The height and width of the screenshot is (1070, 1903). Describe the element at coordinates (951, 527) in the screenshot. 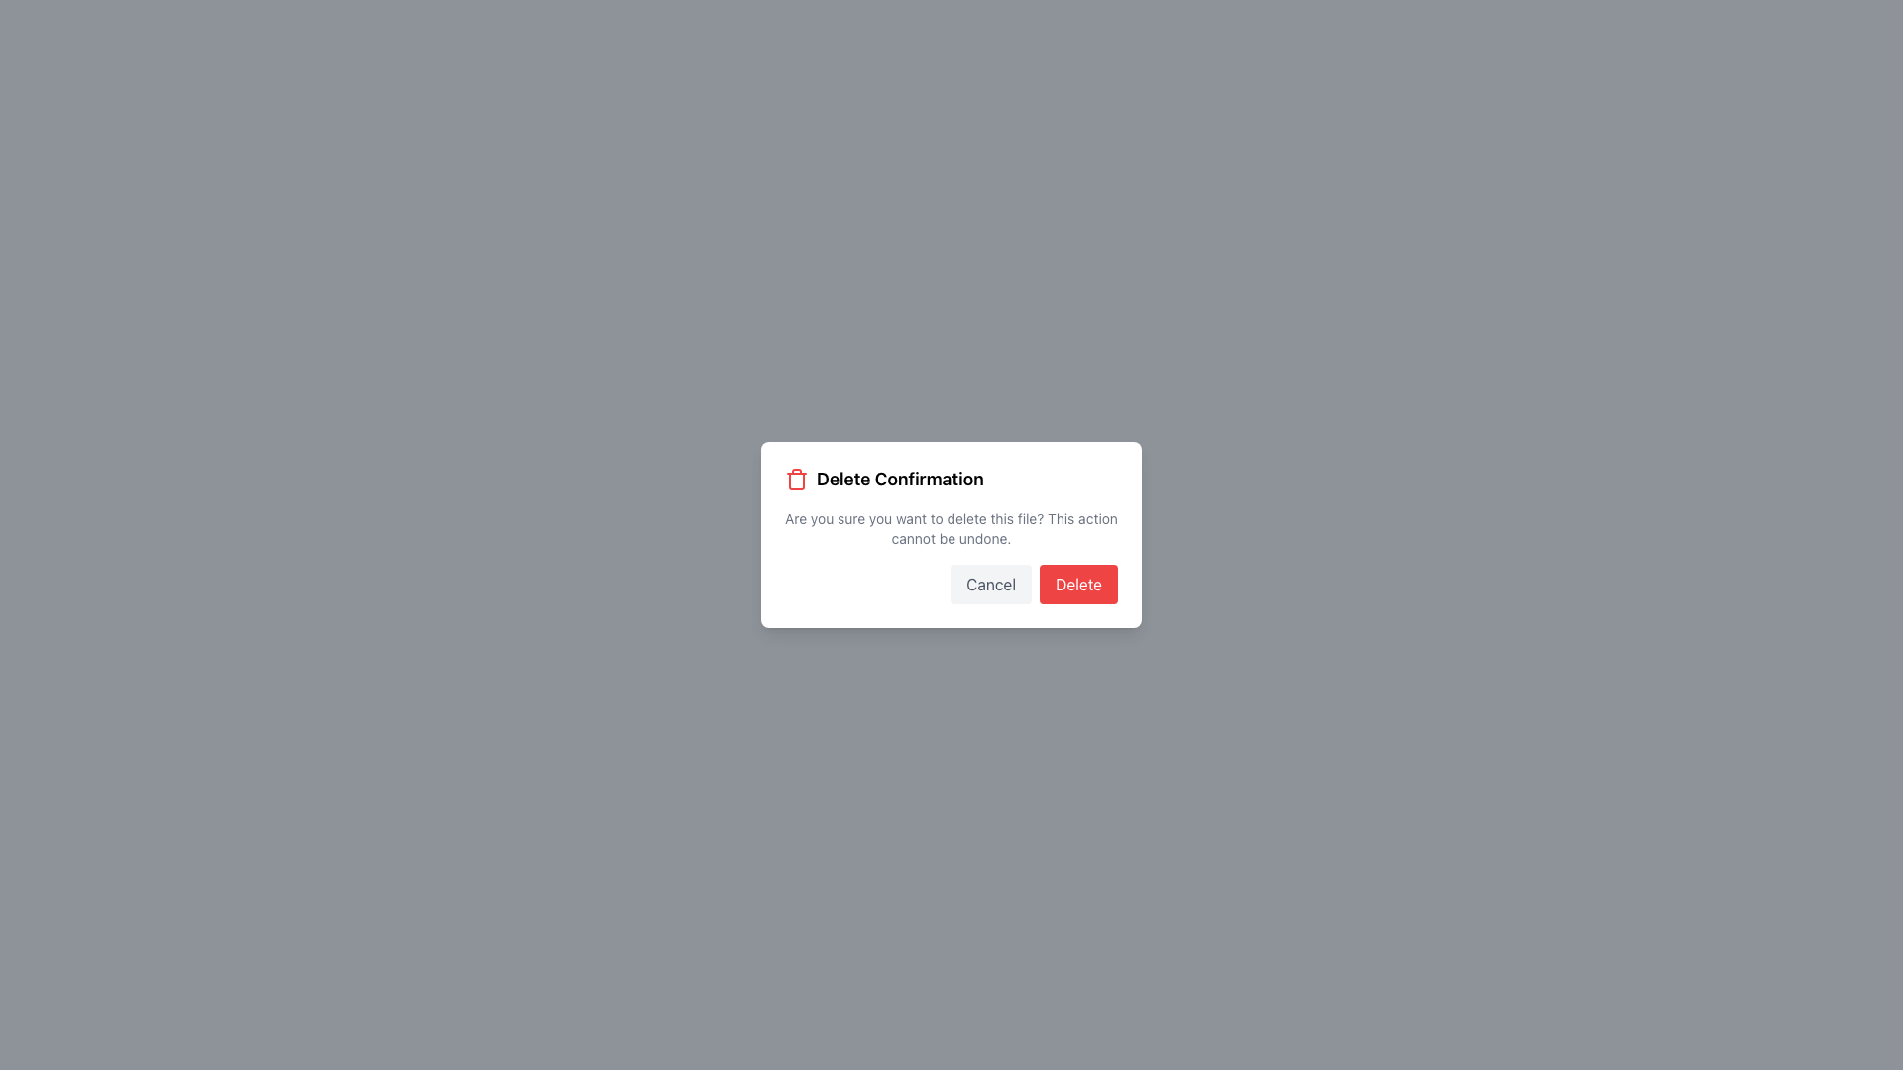

I see `text message that states: 'Are you sure you want to delete this file? This action cannot be undone.' It is located within the modal dialog box, below the 'Delete Confirmation' heading` at that location.